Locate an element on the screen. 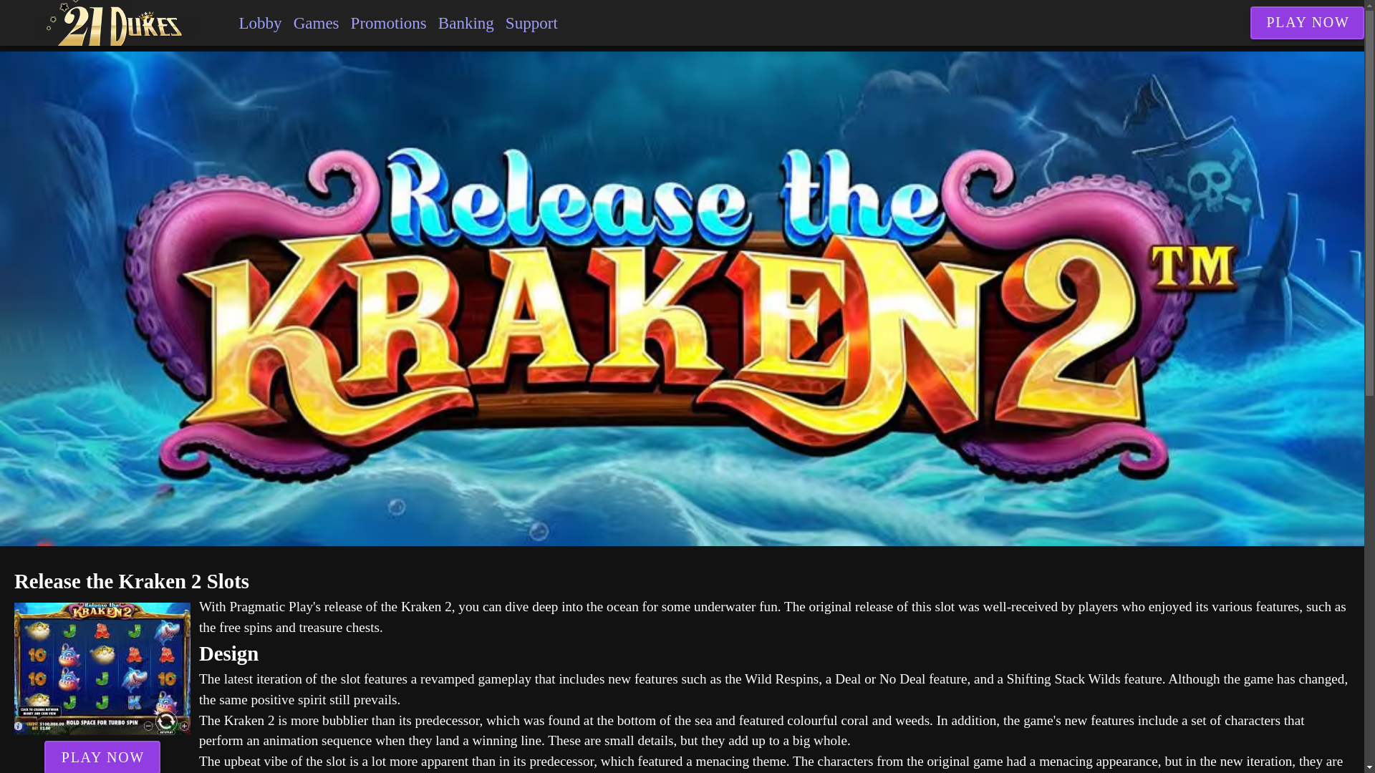  'Support' is located at coordinates (531, 22).